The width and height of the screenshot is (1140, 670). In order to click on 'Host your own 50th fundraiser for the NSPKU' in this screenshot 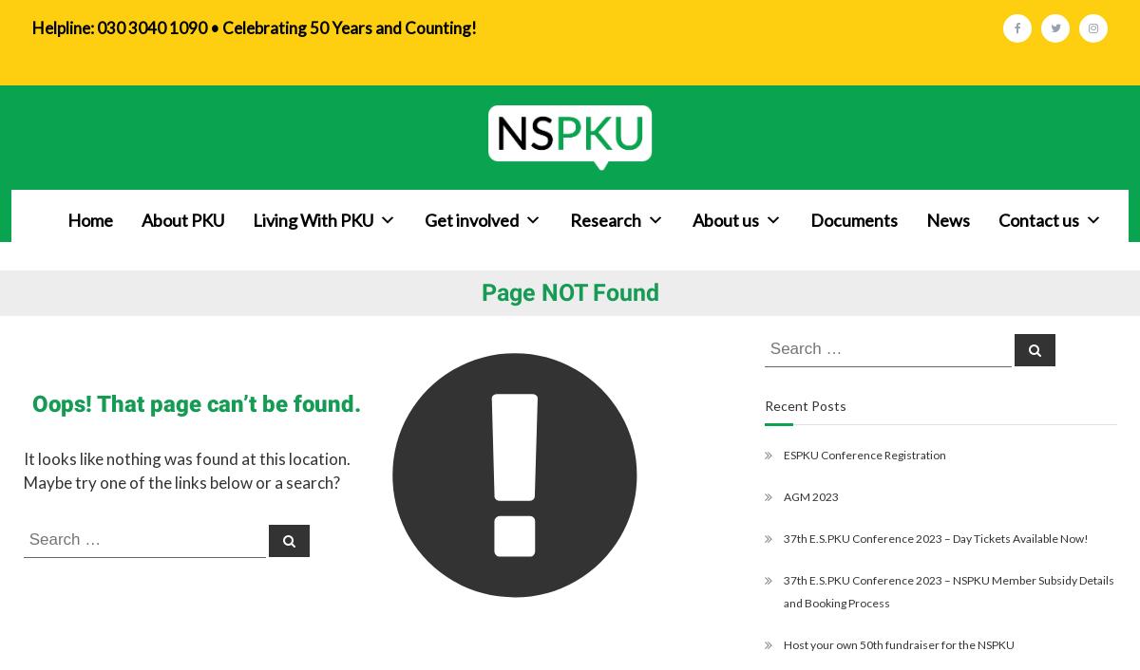, I will do `click(898, 643)`.